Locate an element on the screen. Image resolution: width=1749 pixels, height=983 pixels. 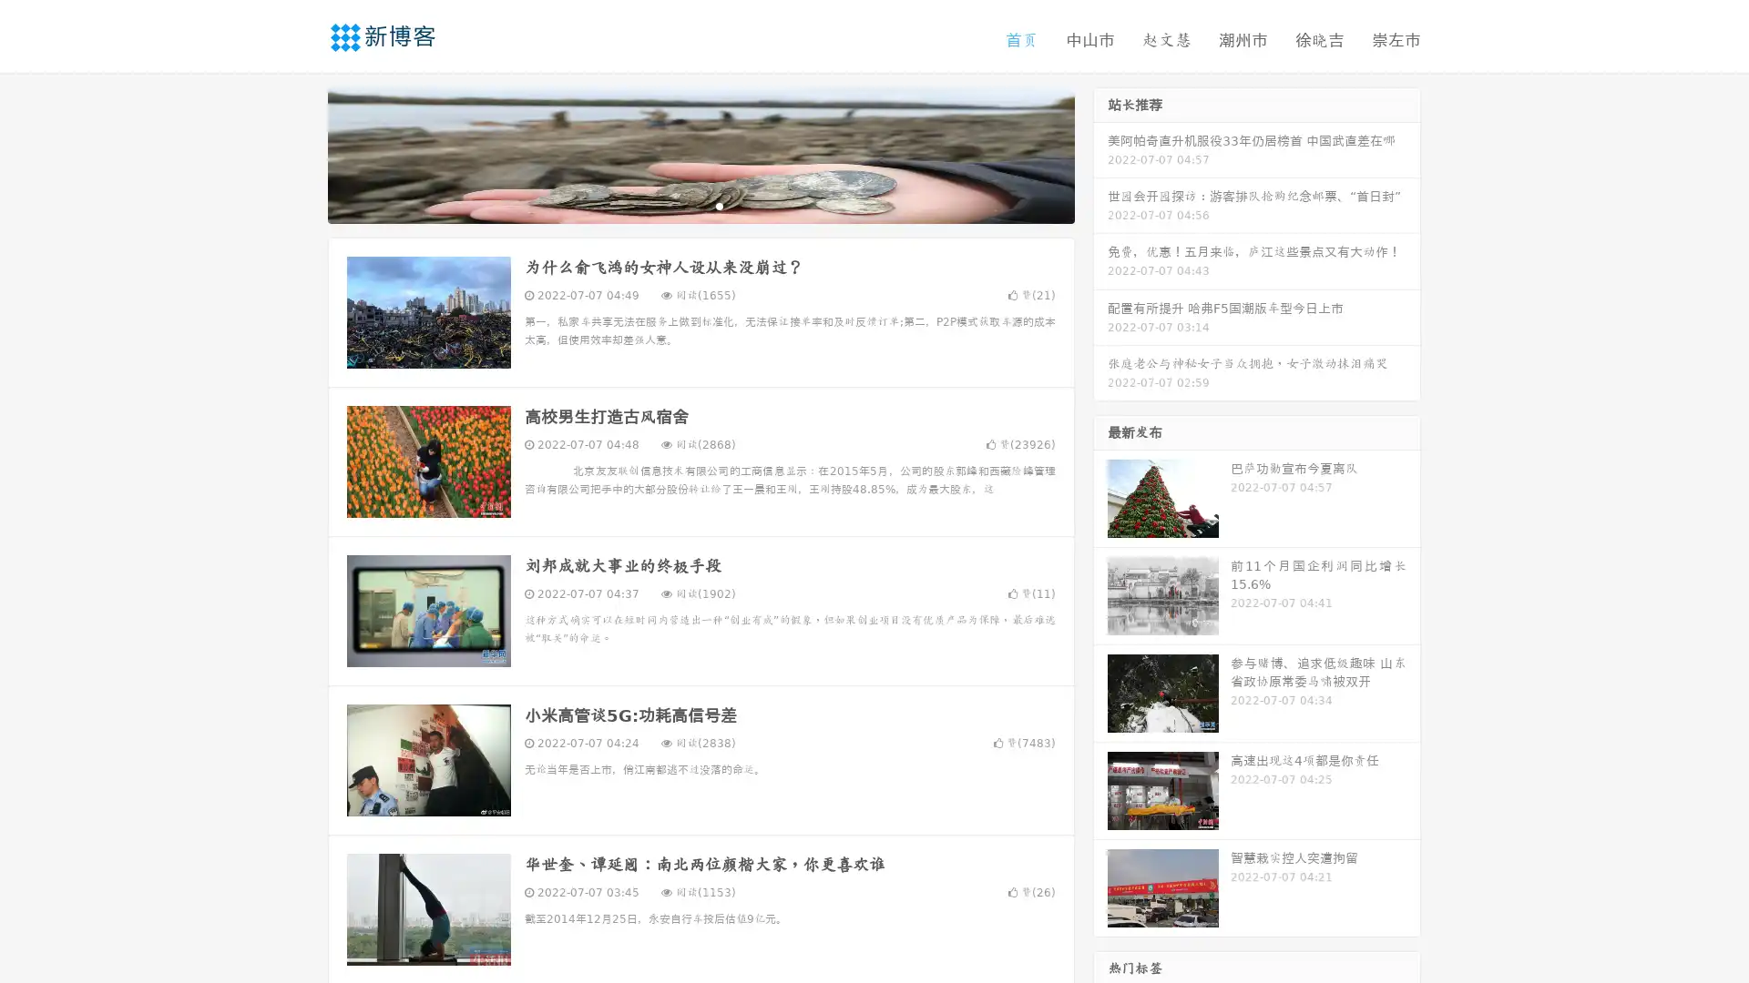
Go to slide 1 is located at coordinates (681, 205).